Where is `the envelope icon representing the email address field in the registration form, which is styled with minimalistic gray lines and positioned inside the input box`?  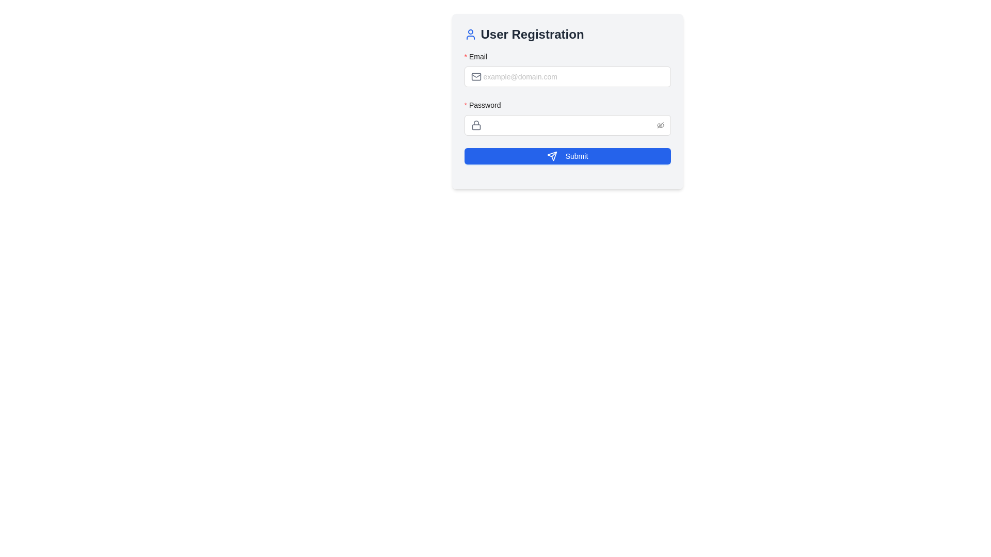
the envelope icon representing the email address field in the registration form, which is styled with minimalistic gray lines and positioned inside the input box is located at coordinates (475, 76).